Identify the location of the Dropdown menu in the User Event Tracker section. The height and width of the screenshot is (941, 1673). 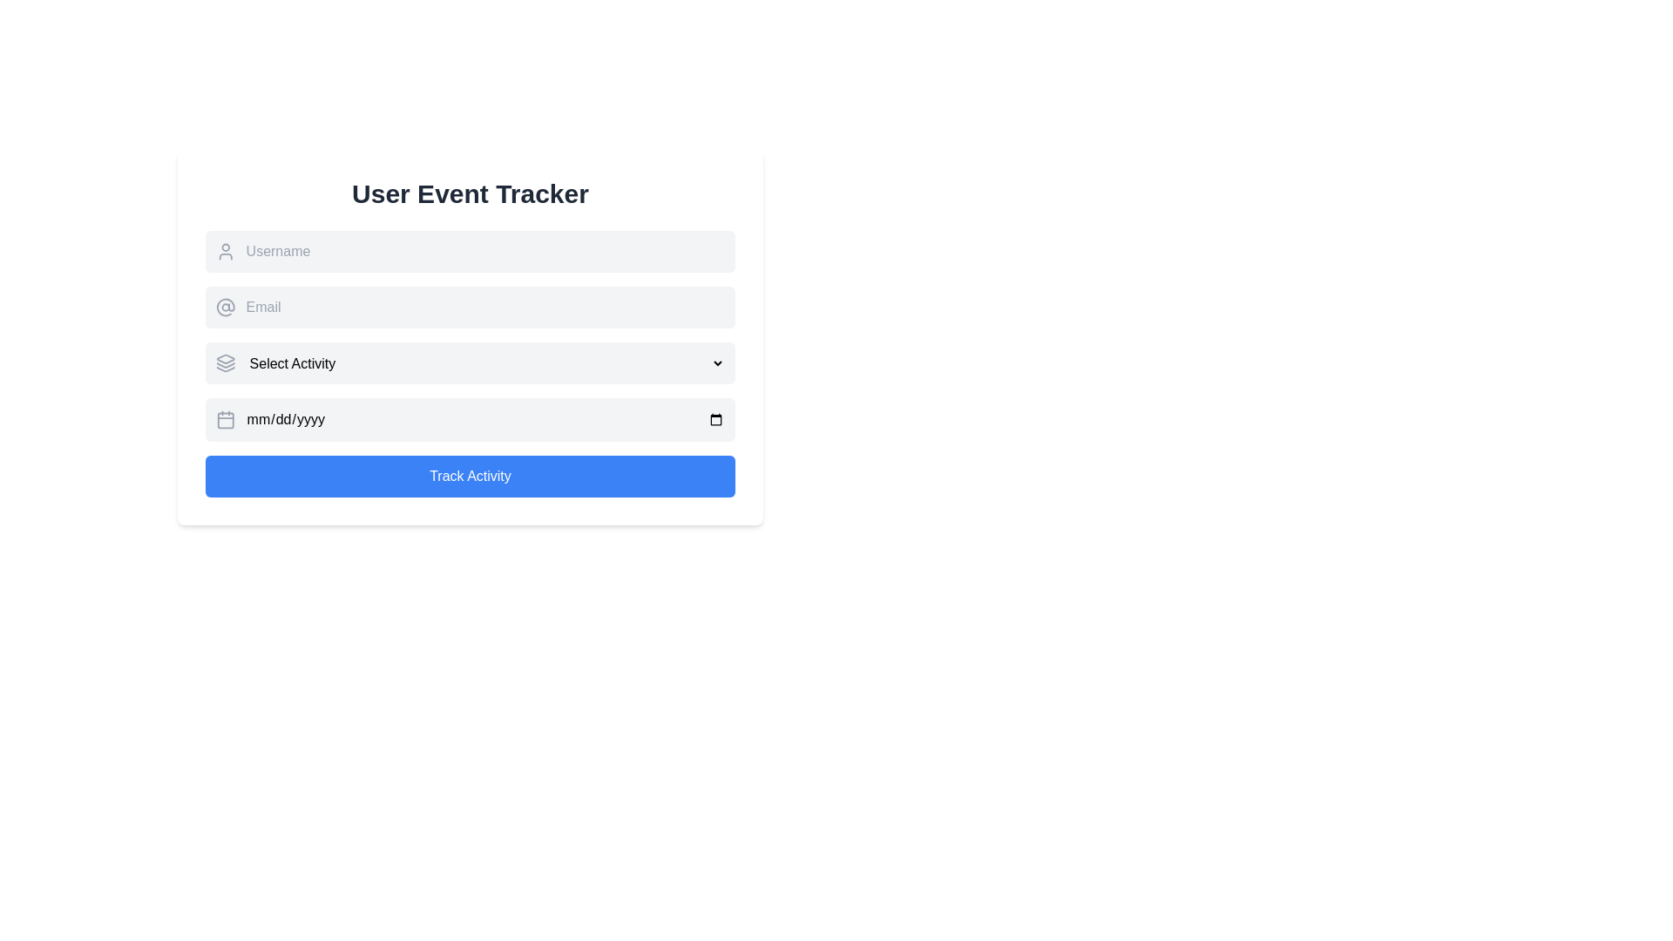
(470, 362).